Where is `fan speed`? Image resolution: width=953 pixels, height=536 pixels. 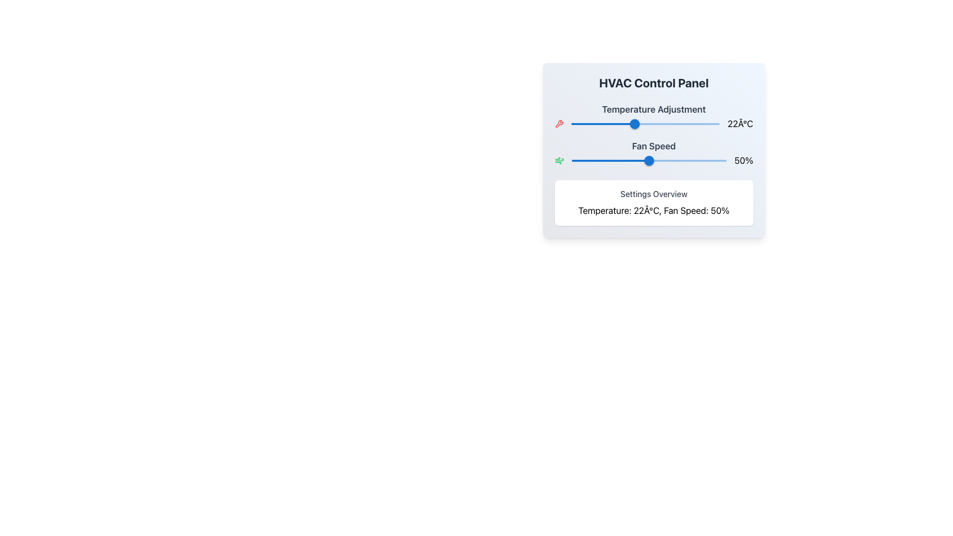
fan speed is located at coordinates (607, 160).